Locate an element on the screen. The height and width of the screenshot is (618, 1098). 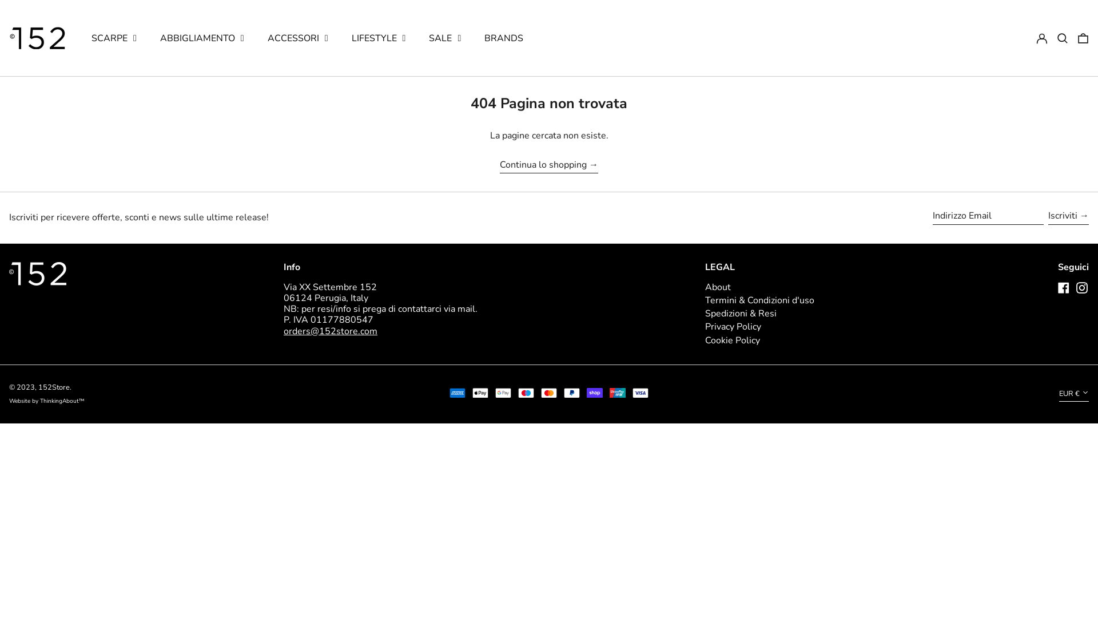
'ACCESSORI' is located at coordinates (298, 37).